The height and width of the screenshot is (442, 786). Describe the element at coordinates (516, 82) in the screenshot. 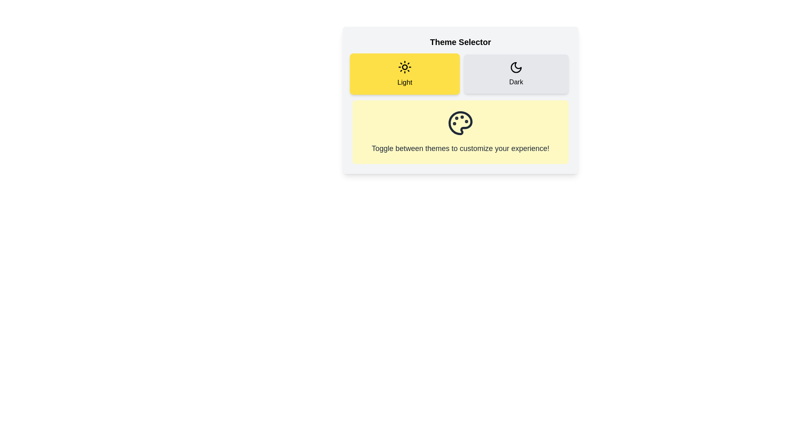

I see `the 'Dark' text label, which is styled in bold and located below the moon icon in the Theme Selector interface` at that location.